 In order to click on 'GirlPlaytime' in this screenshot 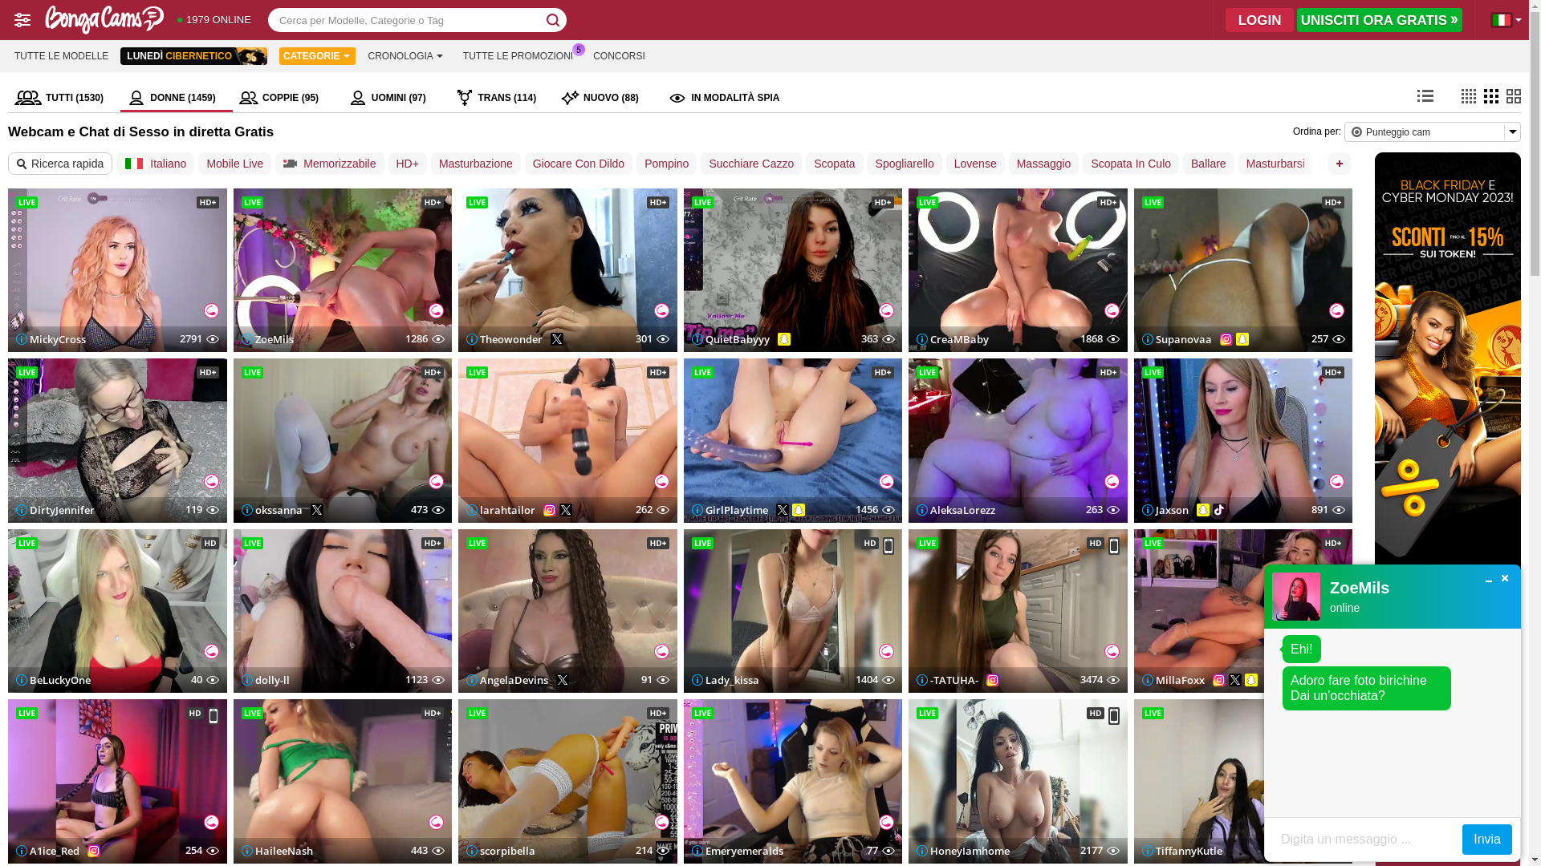, I will do `click(729, 510)`.